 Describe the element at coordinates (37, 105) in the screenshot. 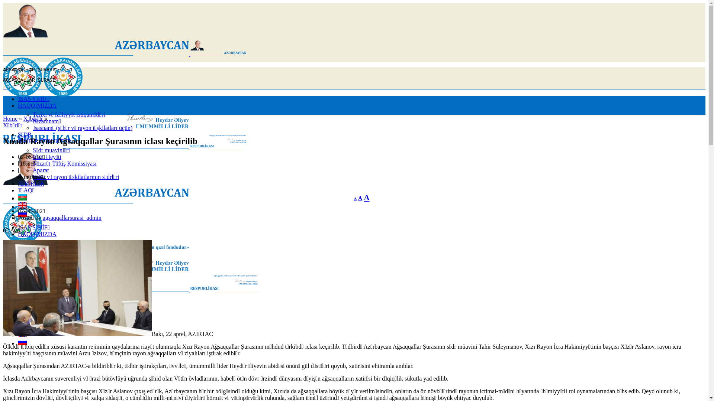

I see `'HAQQIMIZDA'` at that location.